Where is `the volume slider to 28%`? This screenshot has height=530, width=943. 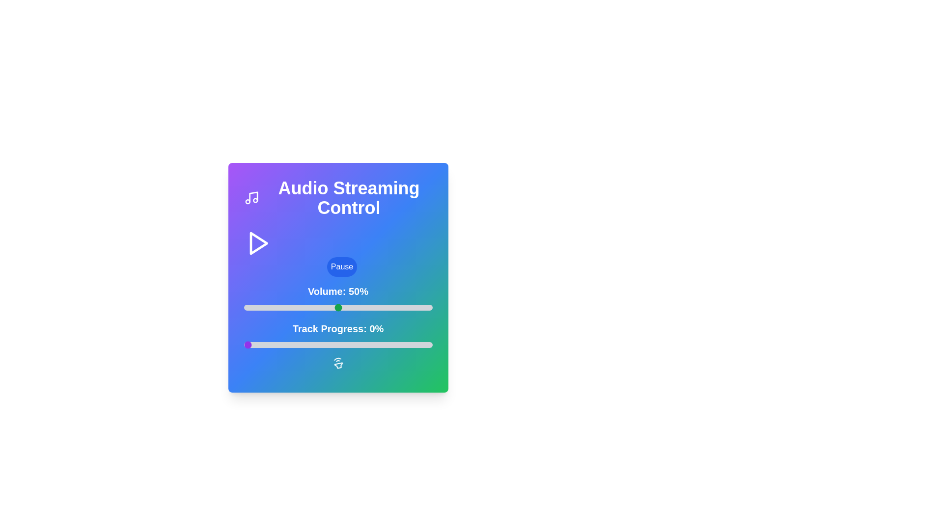
the volume slider to 28% is located at coordinates (296, 307).